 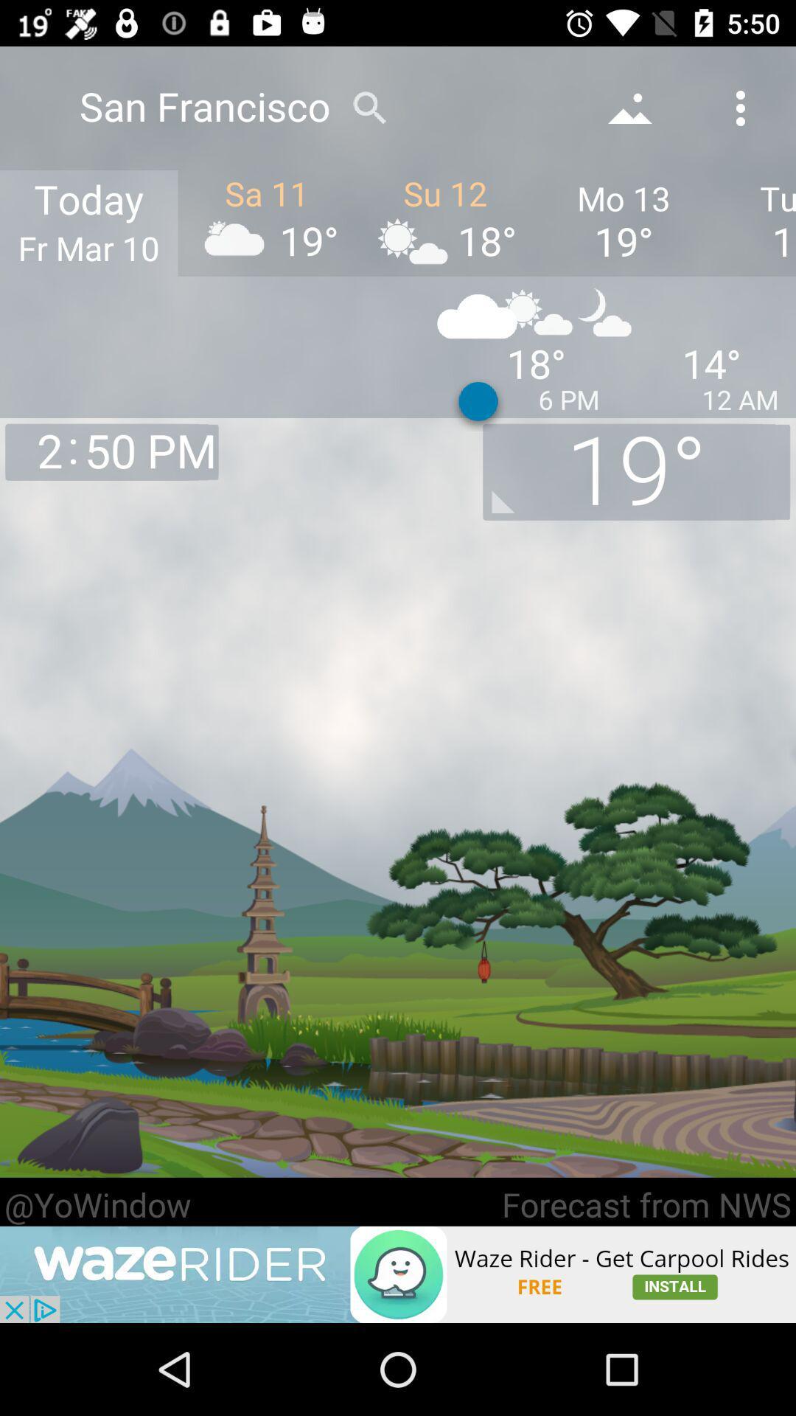 What do you see at coordinates (398, 1274) in the screenshot?
I see `opens advertisement` at bounding box center [398, 1274].